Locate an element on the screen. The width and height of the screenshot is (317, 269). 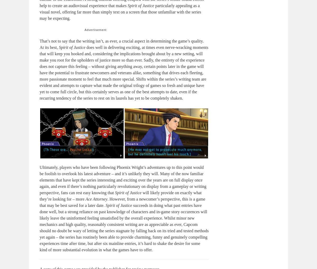
'succeeds in doing what past entries have done well, but a strong reliance on past knowledge of characters and in-game story occurences will likely leave the uninformed feeling unsatisfied by the overall experience. Whilst minor new mechanics and high quality, reasonably consistent writing are as appreciable as ever, Capcom should no doubt be wary of letting the series stagnate by falling back on its tried and tested methods yet again – the series has routinely been able to provide charming, funny and genuinely compelling experiences time after time, but after six mainline entries, it’s hard to shake the desire for some kind of more substantial evolution in what the games have to offer.' is located at coordinates (124, 227).